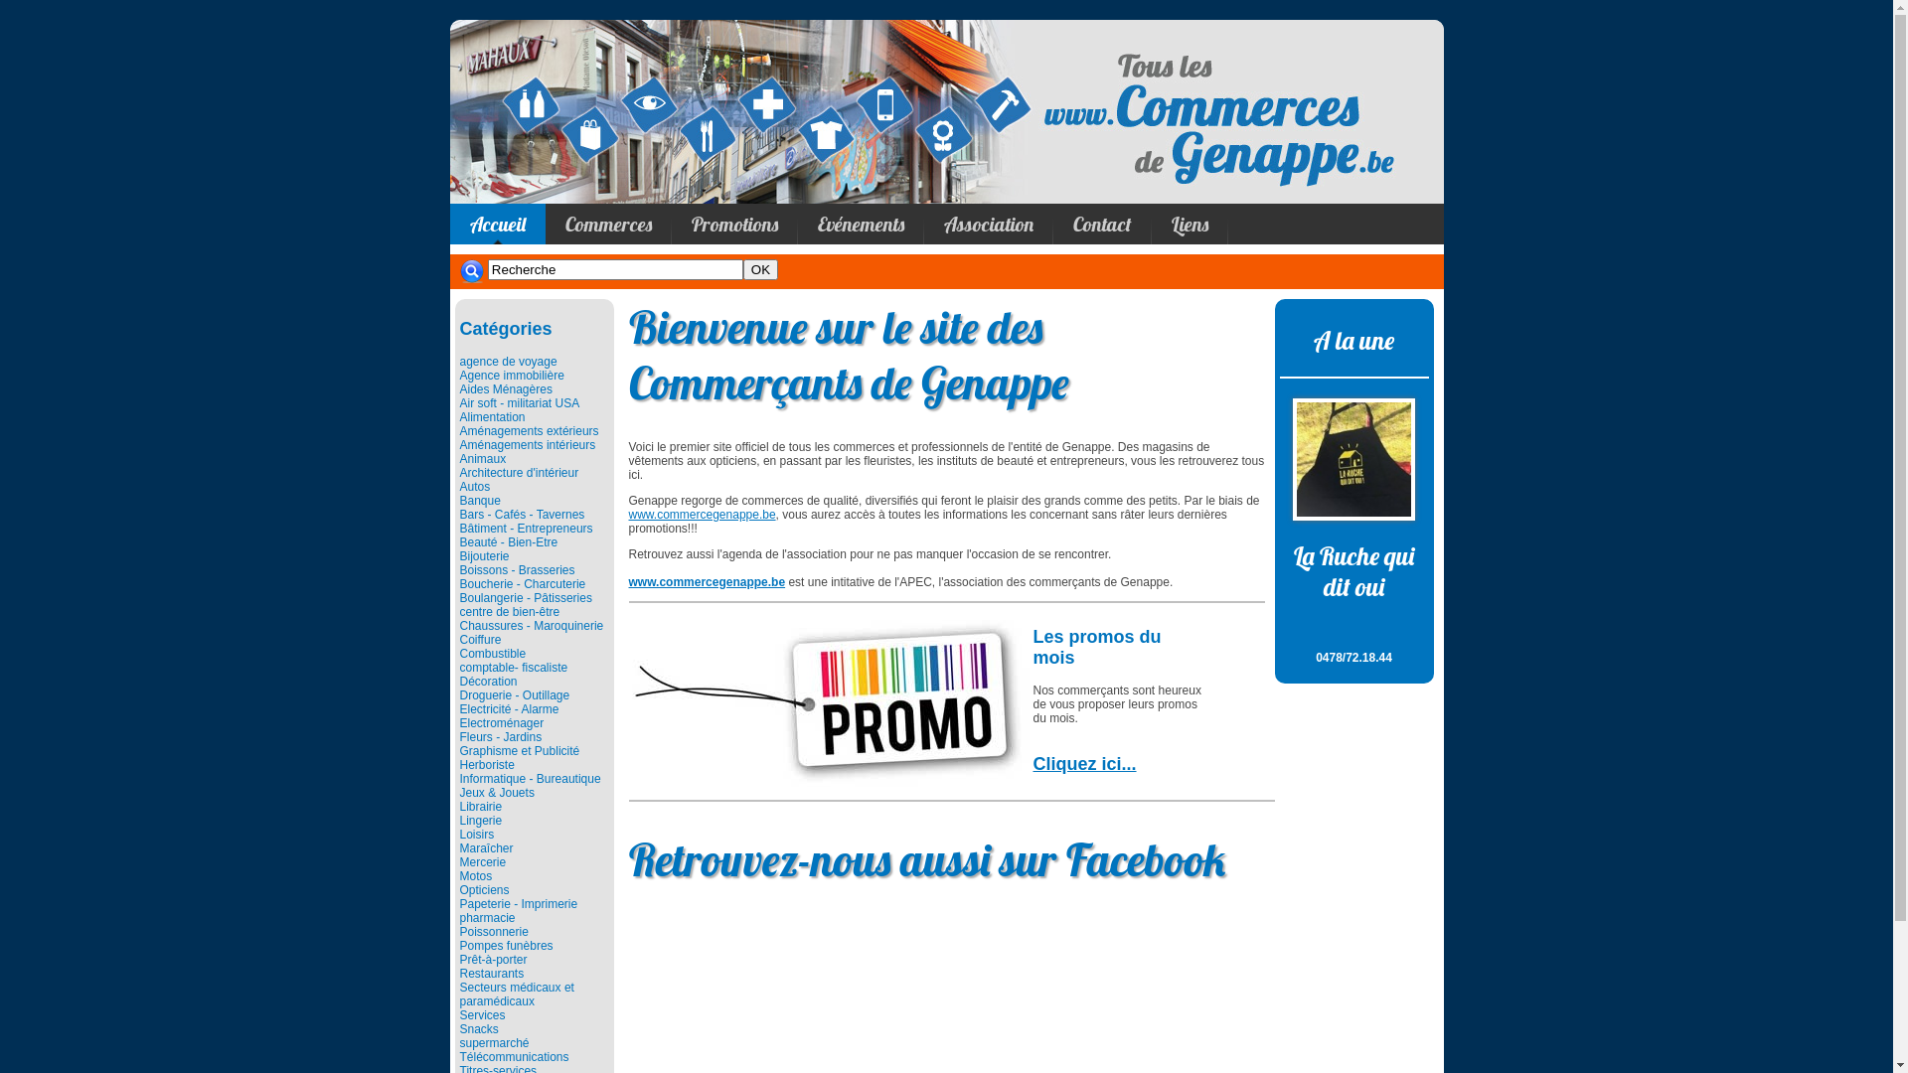 This screenshot has height=1073, width=1908. What do you see at coordinates (486, 764) in the screenshot?
I see `'Herboriste'` at bounding box center [486, 764].